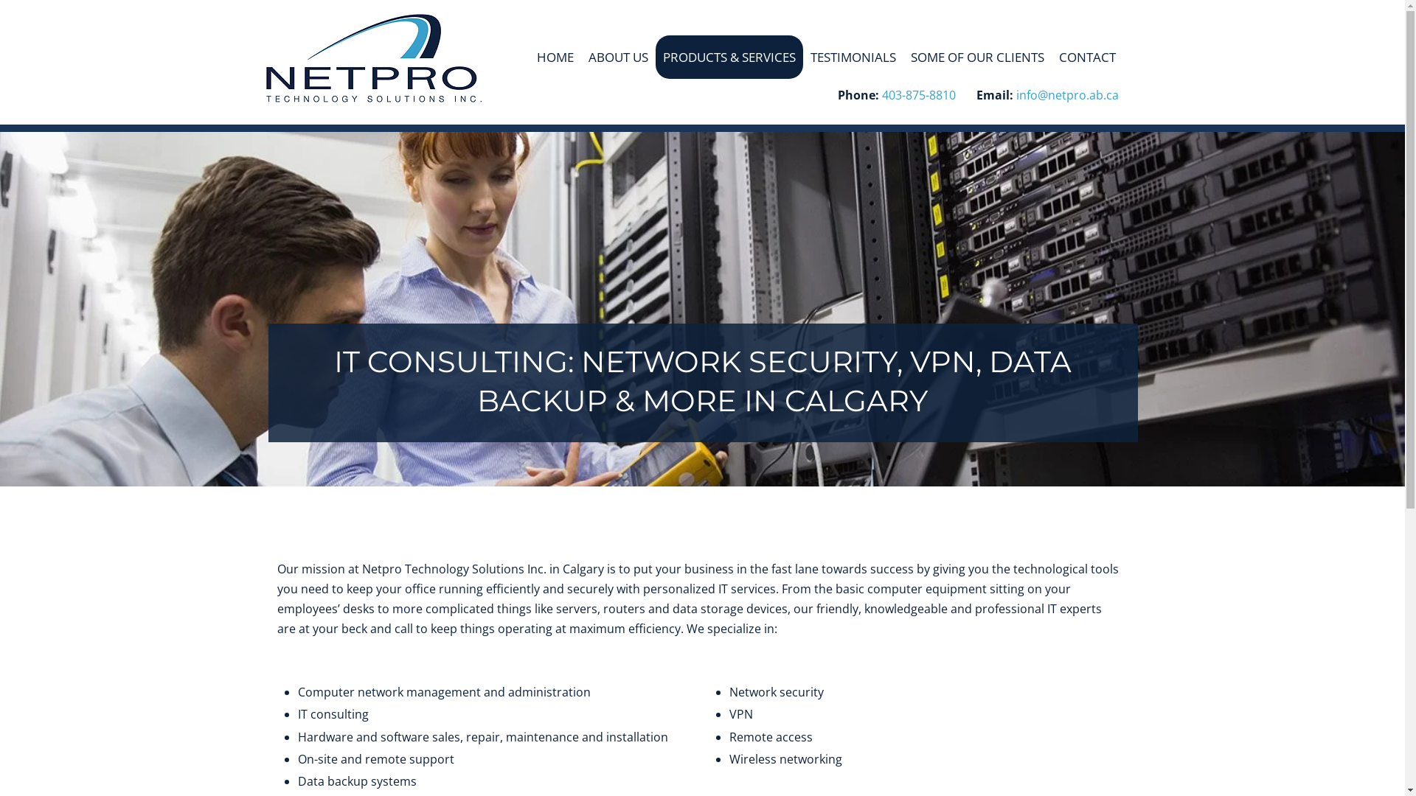 This screenshot has height=796, width=1416. Describe the element at coordinates (881, 97) in the screenshot. I see `'403-875-8810'` at that location.